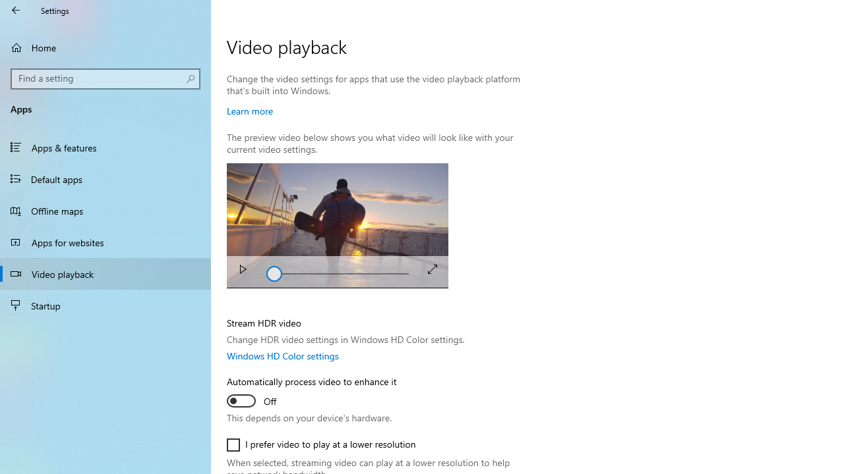 The width and height of the screenshot is (844, 474). I want to click on 'Full Screen', so click(433, 268).